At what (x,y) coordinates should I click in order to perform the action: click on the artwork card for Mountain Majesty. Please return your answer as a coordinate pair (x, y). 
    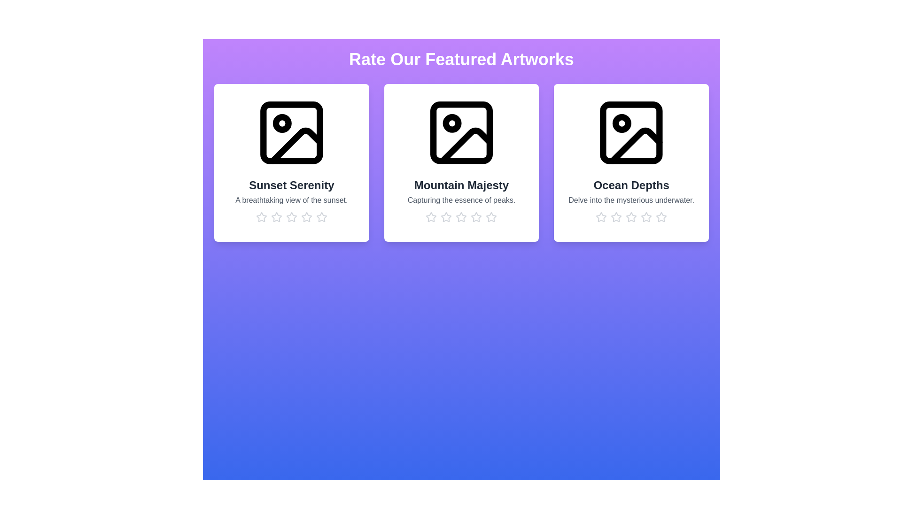
    Looking at the image, I should click on (461, 162).